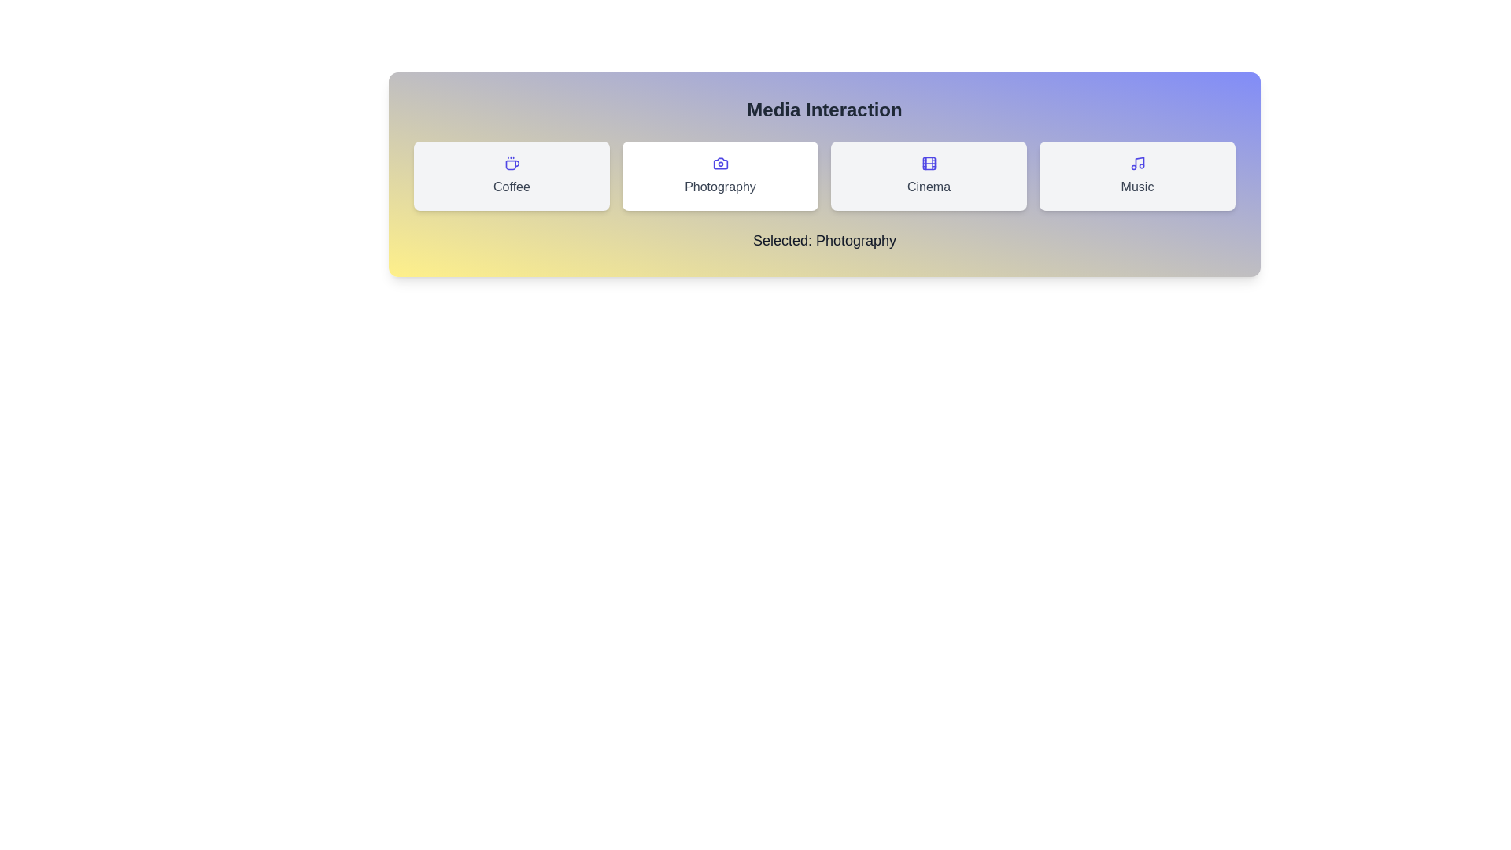  Describe the element at coordinates (719, 164) in the screenshot. I see `the indigo camera icon located above the 'Photography' text` at that location.